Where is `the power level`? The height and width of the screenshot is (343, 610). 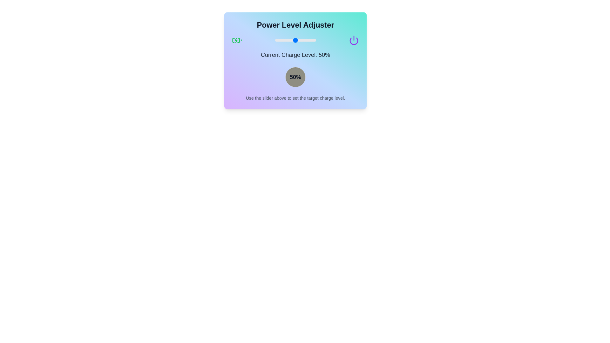
the power level is located at coordinates (276, 40).